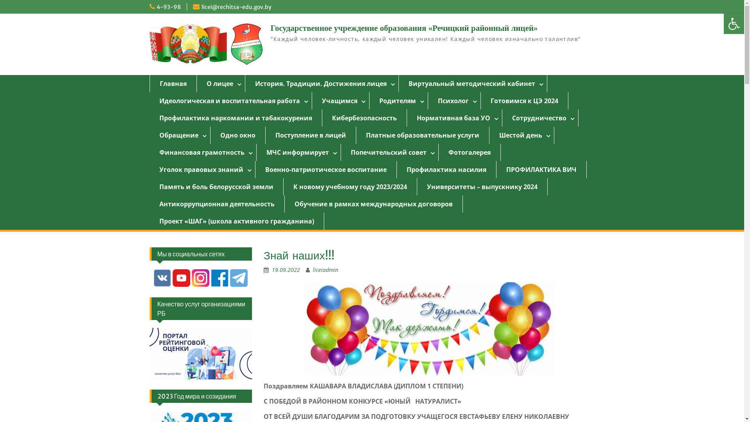 Image resolution: width=750 pixels, height=422 pixels. What do you see at coordinates (181, 277) in the screenshot?
I see `'youtube'` at bounding box center [181, 277].